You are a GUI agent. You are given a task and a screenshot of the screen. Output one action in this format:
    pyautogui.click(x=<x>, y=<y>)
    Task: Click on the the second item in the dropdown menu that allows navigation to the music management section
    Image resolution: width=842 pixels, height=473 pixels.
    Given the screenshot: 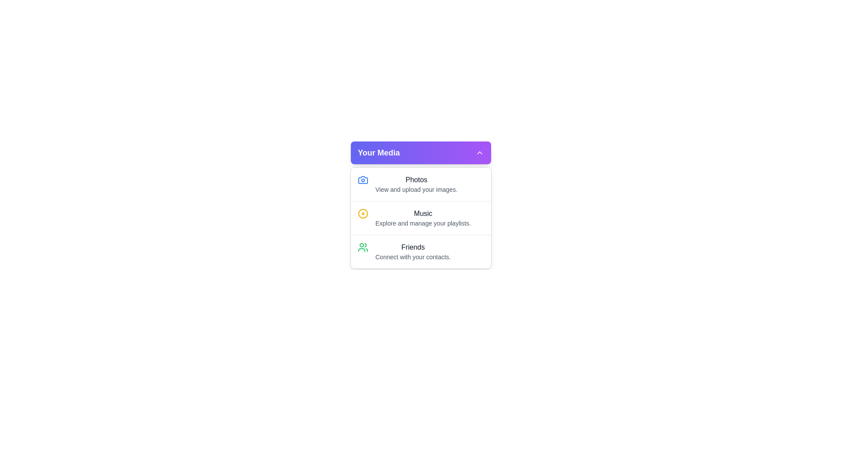 What is the action you would take?
    pyautogui.click(x=421, y=217)
    